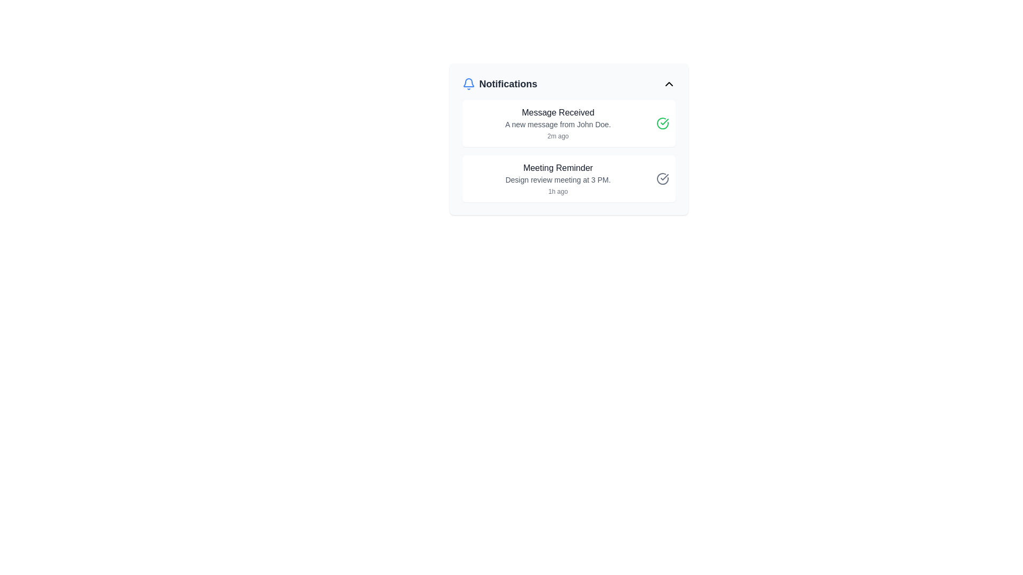 The height and width of the screenshot is (575, 1023). Describe the element at coordinates (557, 179) in the screenshot. I see `the text label that reads 'Design review meeting at 3 PM.' located in the Meeting Reminder section of the Notifications panel` at that location.